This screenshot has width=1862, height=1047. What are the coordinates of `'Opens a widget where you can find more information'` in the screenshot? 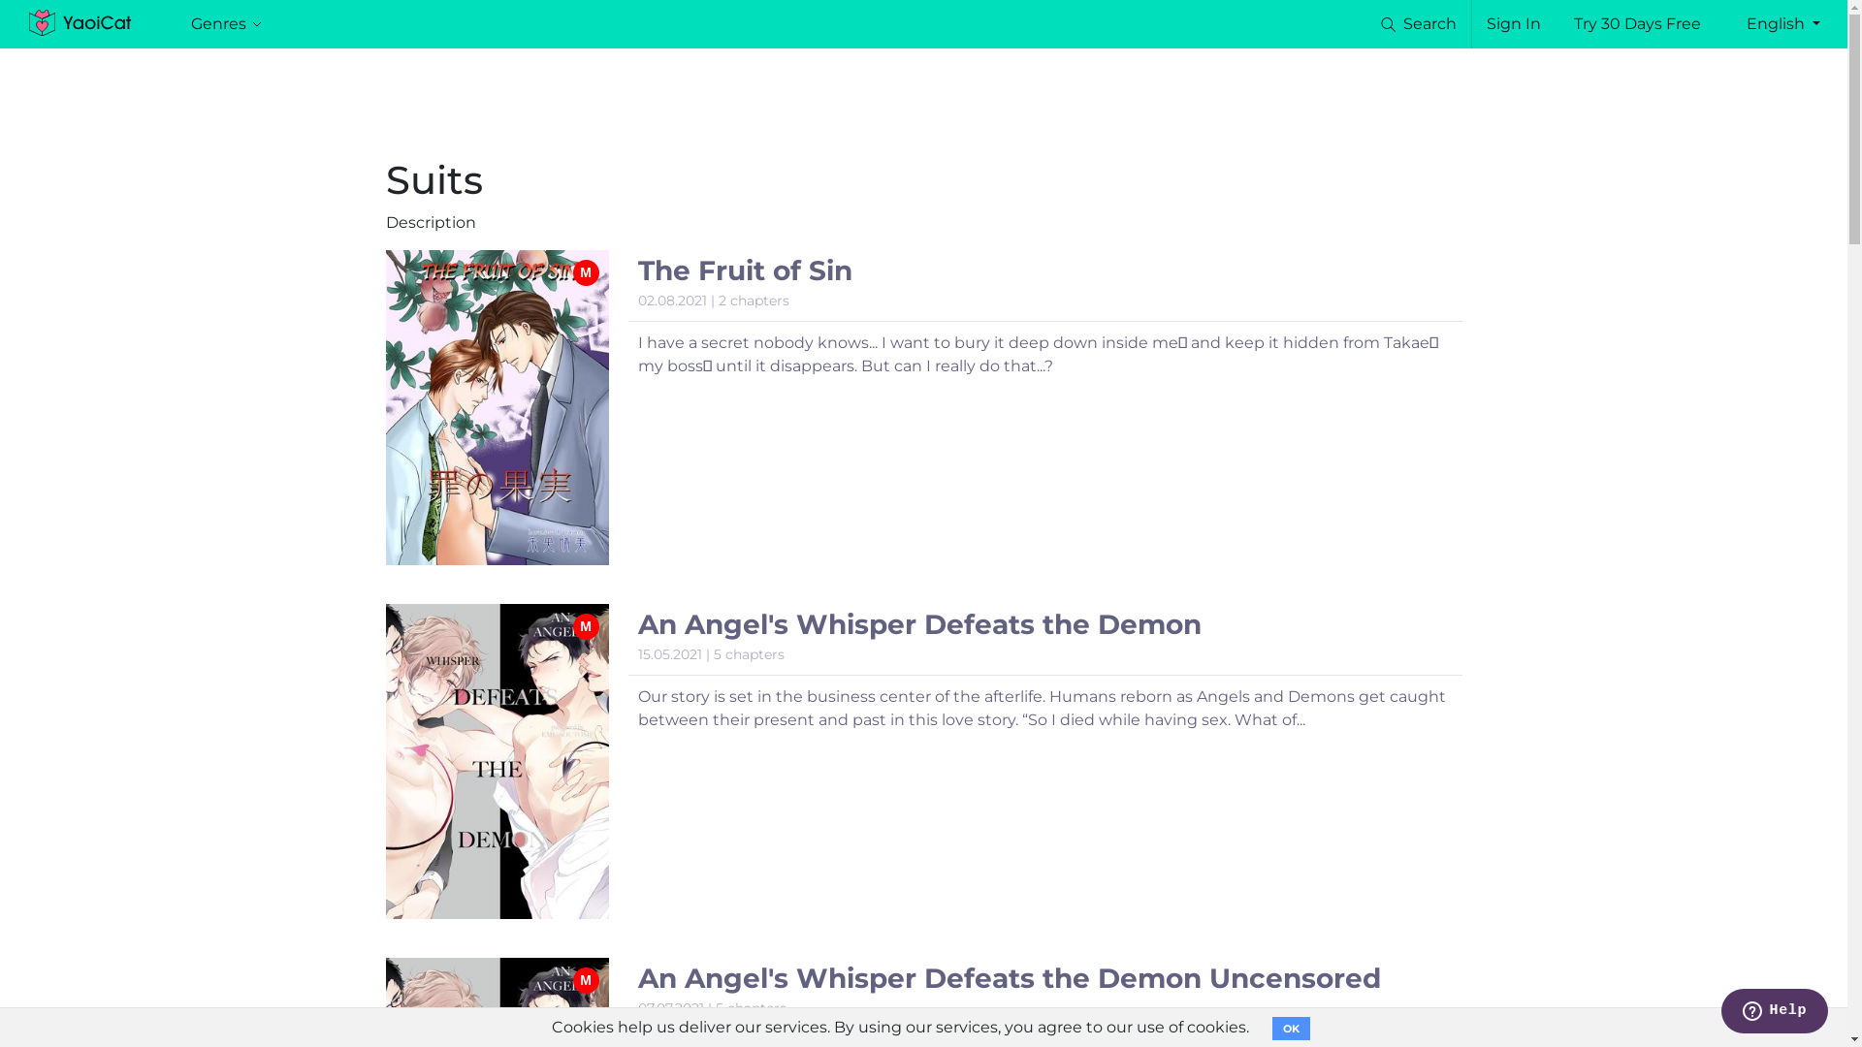 It's located at (1720, 1012).